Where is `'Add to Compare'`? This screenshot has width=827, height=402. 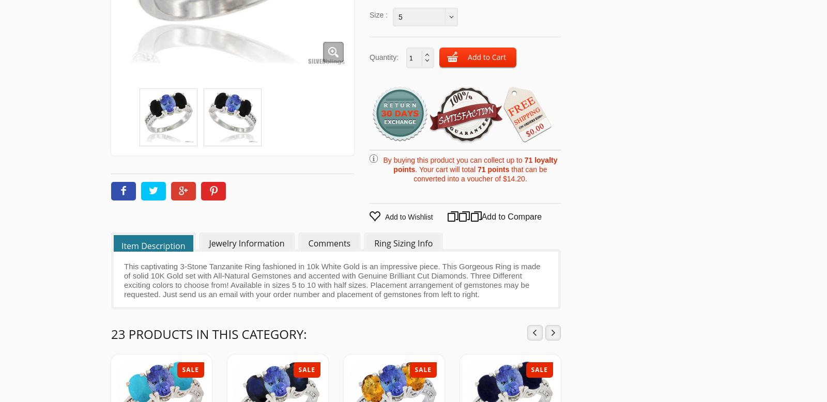
'Add to Compare' is located at coordinates (479, 217).